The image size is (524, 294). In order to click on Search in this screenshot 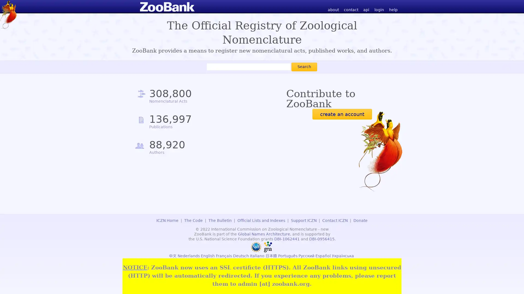, I will do `click(304, 66)`.